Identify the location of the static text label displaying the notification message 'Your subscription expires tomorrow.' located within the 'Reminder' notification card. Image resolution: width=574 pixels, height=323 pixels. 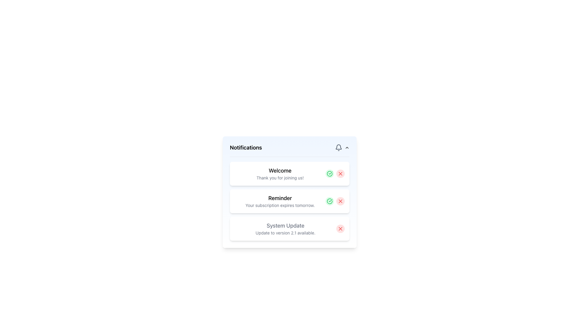
(280, 205).